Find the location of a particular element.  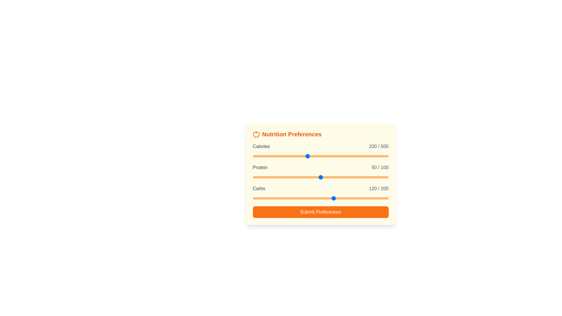

the caloric value is located at coordinates (262, 156).